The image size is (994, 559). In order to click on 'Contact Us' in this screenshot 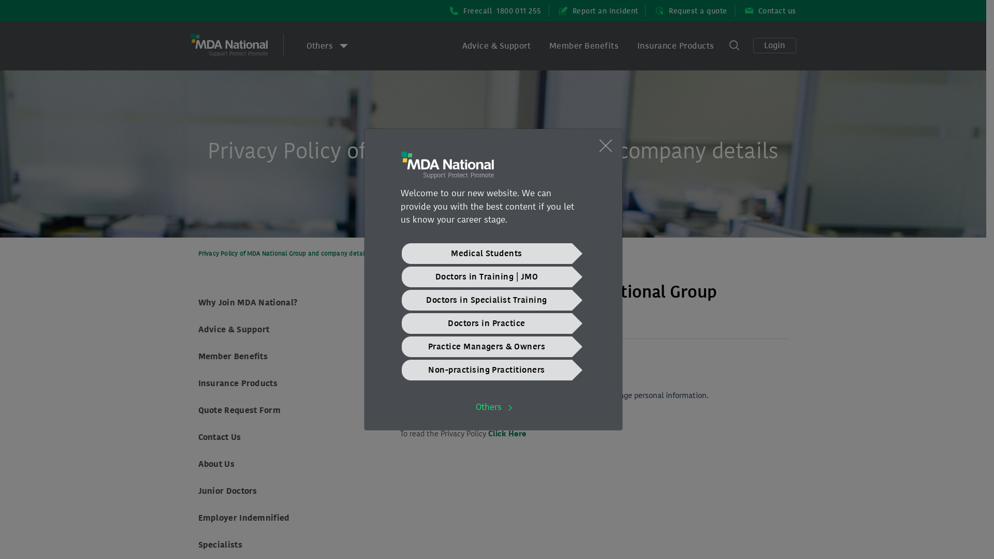, I will do `click(218, 437)`.